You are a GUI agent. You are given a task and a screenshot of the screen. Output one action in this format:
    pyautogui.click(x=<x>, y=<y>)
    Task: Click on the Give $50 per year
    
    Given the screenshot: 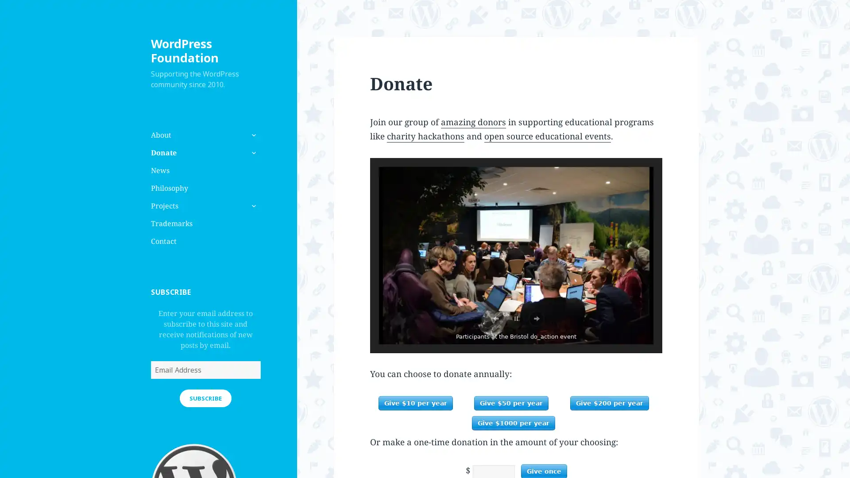 What is the action you would take?
    pyautogui.click(x=511, y=403)
    